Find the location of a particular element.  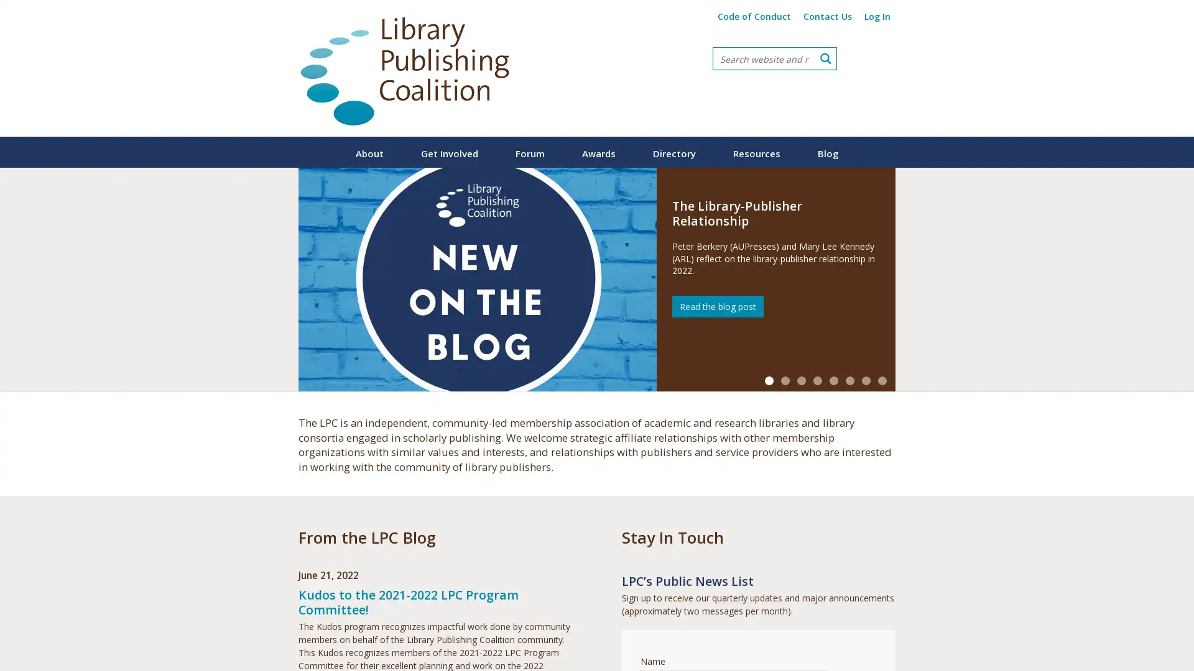

Go to slide 7 is located at coordinates (865, 380).